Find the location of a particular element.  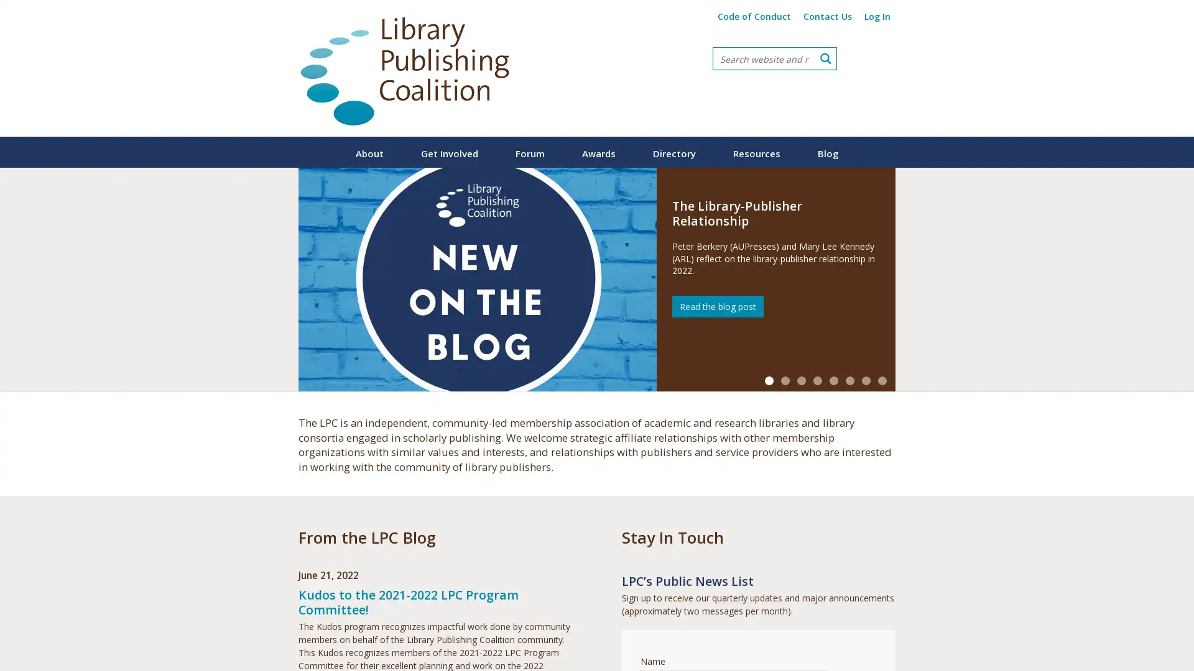

Go to slide 7 is located at coordinates (865, 380).